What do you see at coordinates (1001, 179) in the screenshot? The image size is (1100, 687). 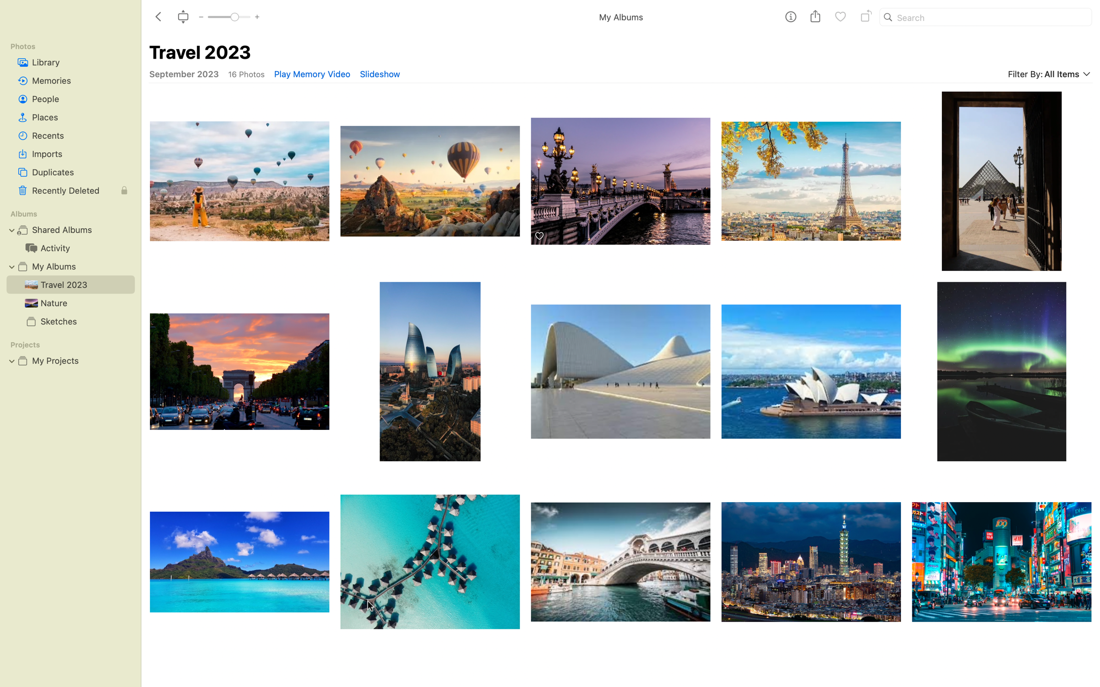 I see `the Louvre"s picture` at bounding box center [1001, 179].